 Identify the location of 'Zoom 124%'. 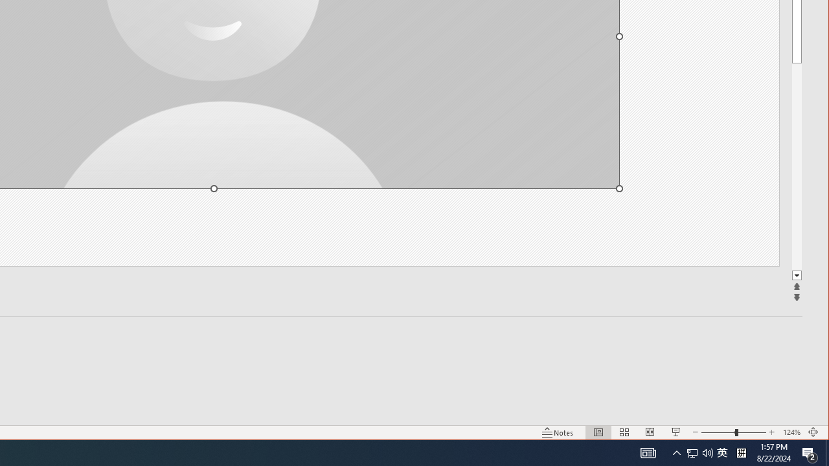
(791, 432).